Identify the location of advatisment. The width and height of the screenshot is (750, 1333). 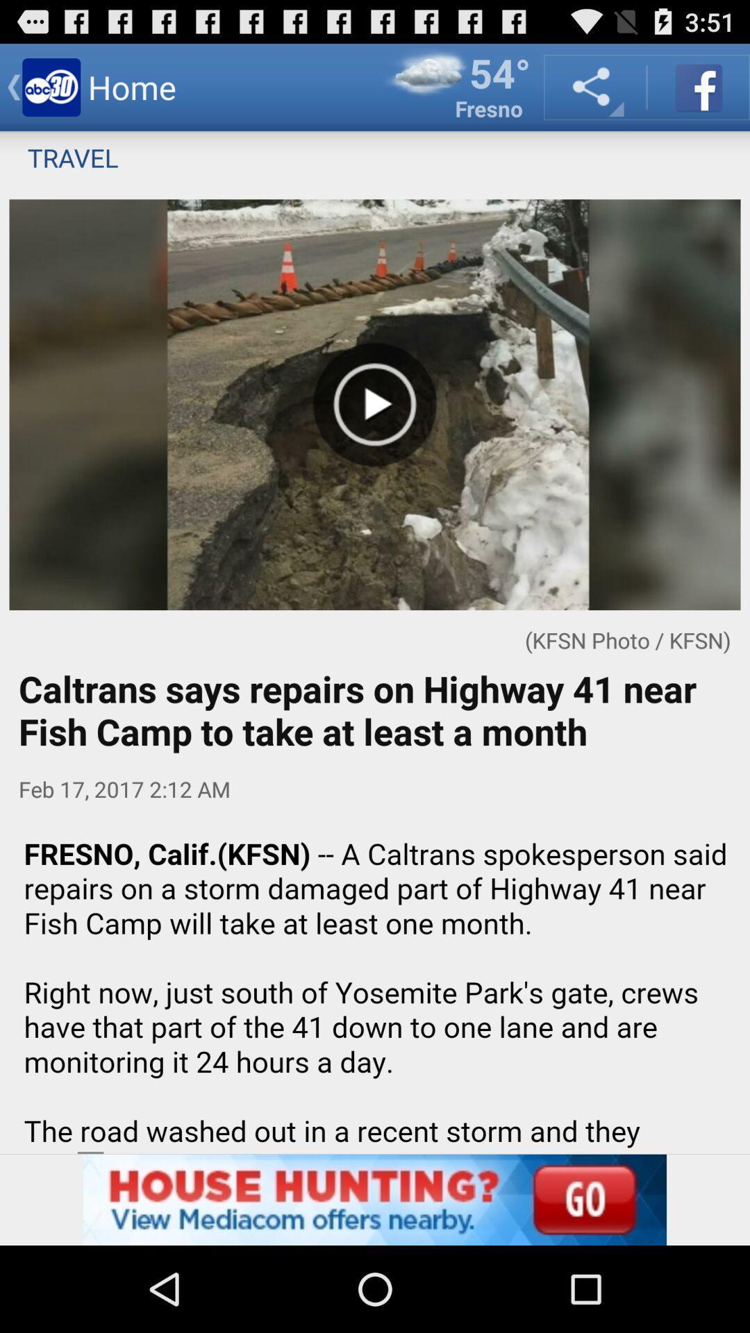
(375, 986).